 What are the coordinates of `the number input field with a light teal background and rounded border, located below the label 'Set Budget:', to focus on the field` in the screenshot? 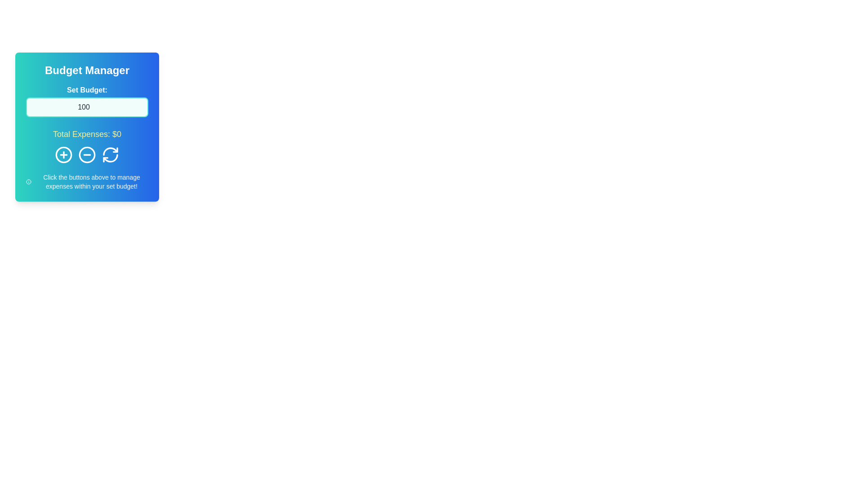 It's located at (87, 107).